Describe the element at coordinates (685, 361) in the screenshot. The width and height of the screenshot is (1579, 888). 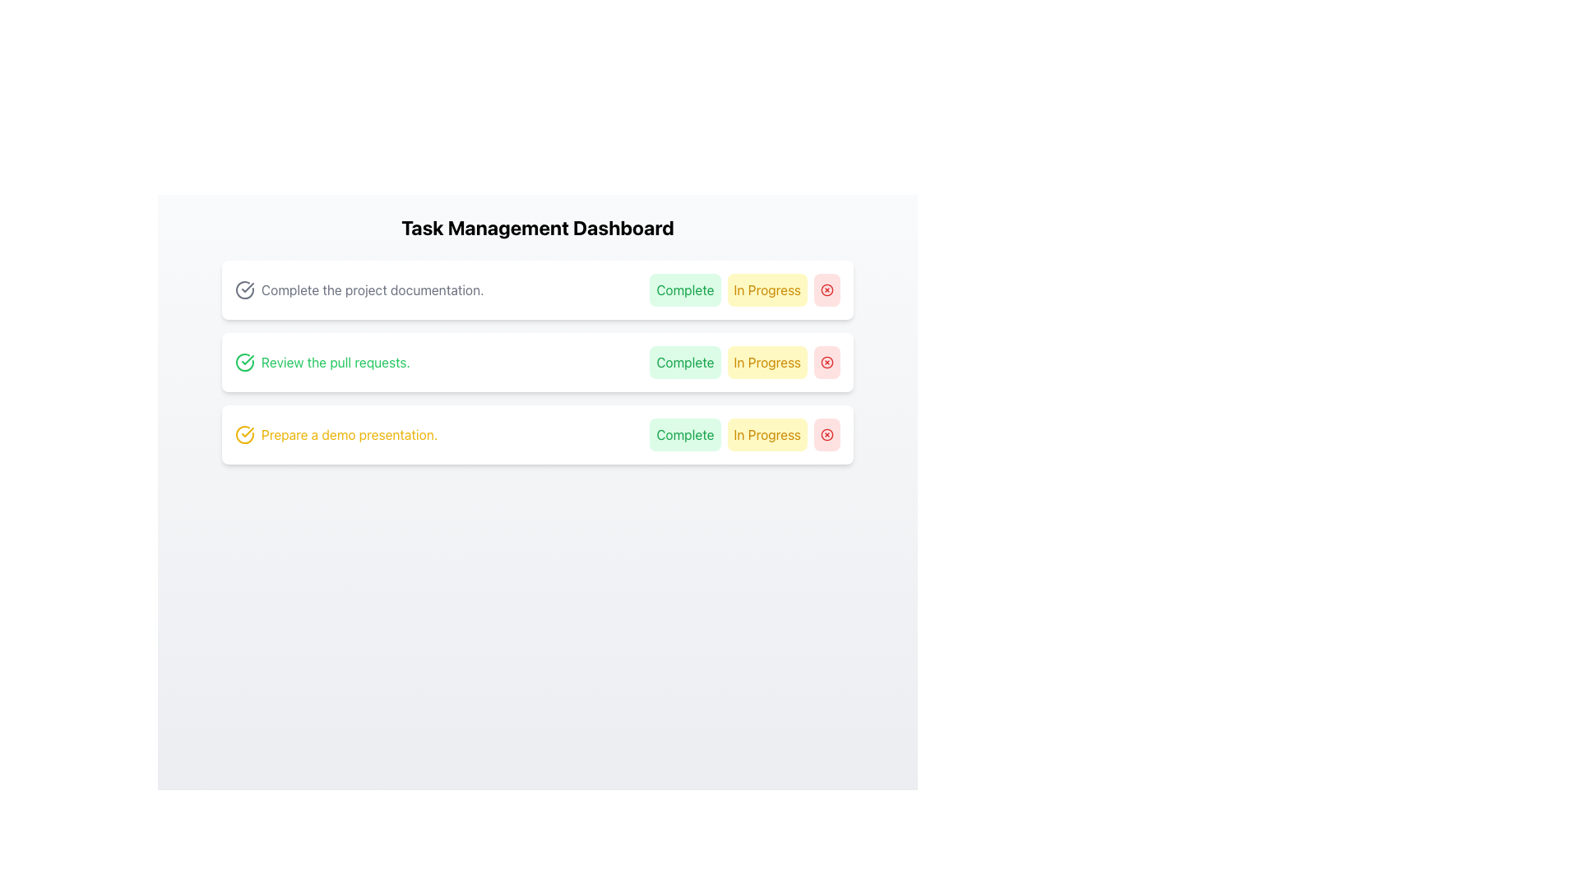
I see `the first button in the second task block on the 'Task Management Dashboard' to mark the associated task as completed` at that location.